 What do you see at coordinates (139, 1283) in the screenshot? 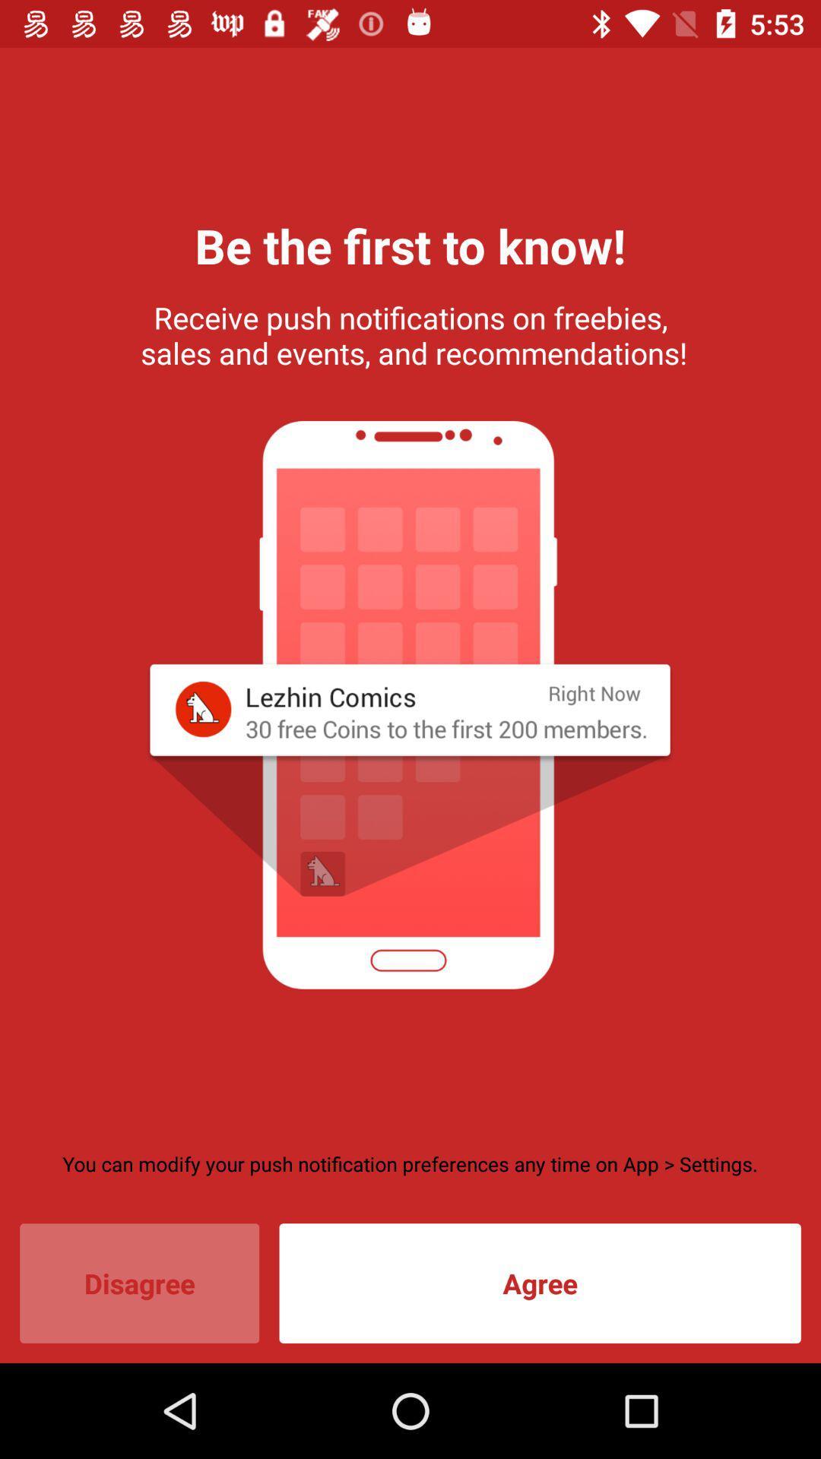
I see `icon to the left of agree` at bounding box center [139, 1283].